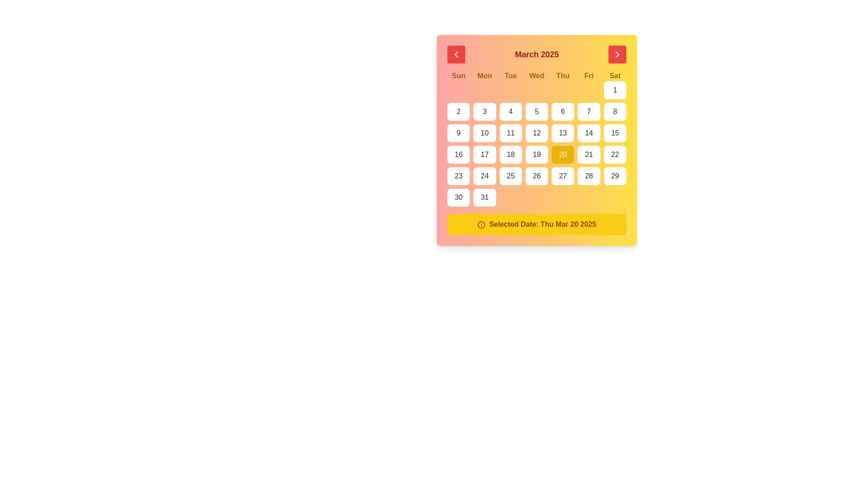 The height and width of the screenshot is (483, 859). I want to click on the fifth cell in the first row of the grid labeled 'Thu', which is a blank square grid cell with a yellowish background, so click(562, 90).